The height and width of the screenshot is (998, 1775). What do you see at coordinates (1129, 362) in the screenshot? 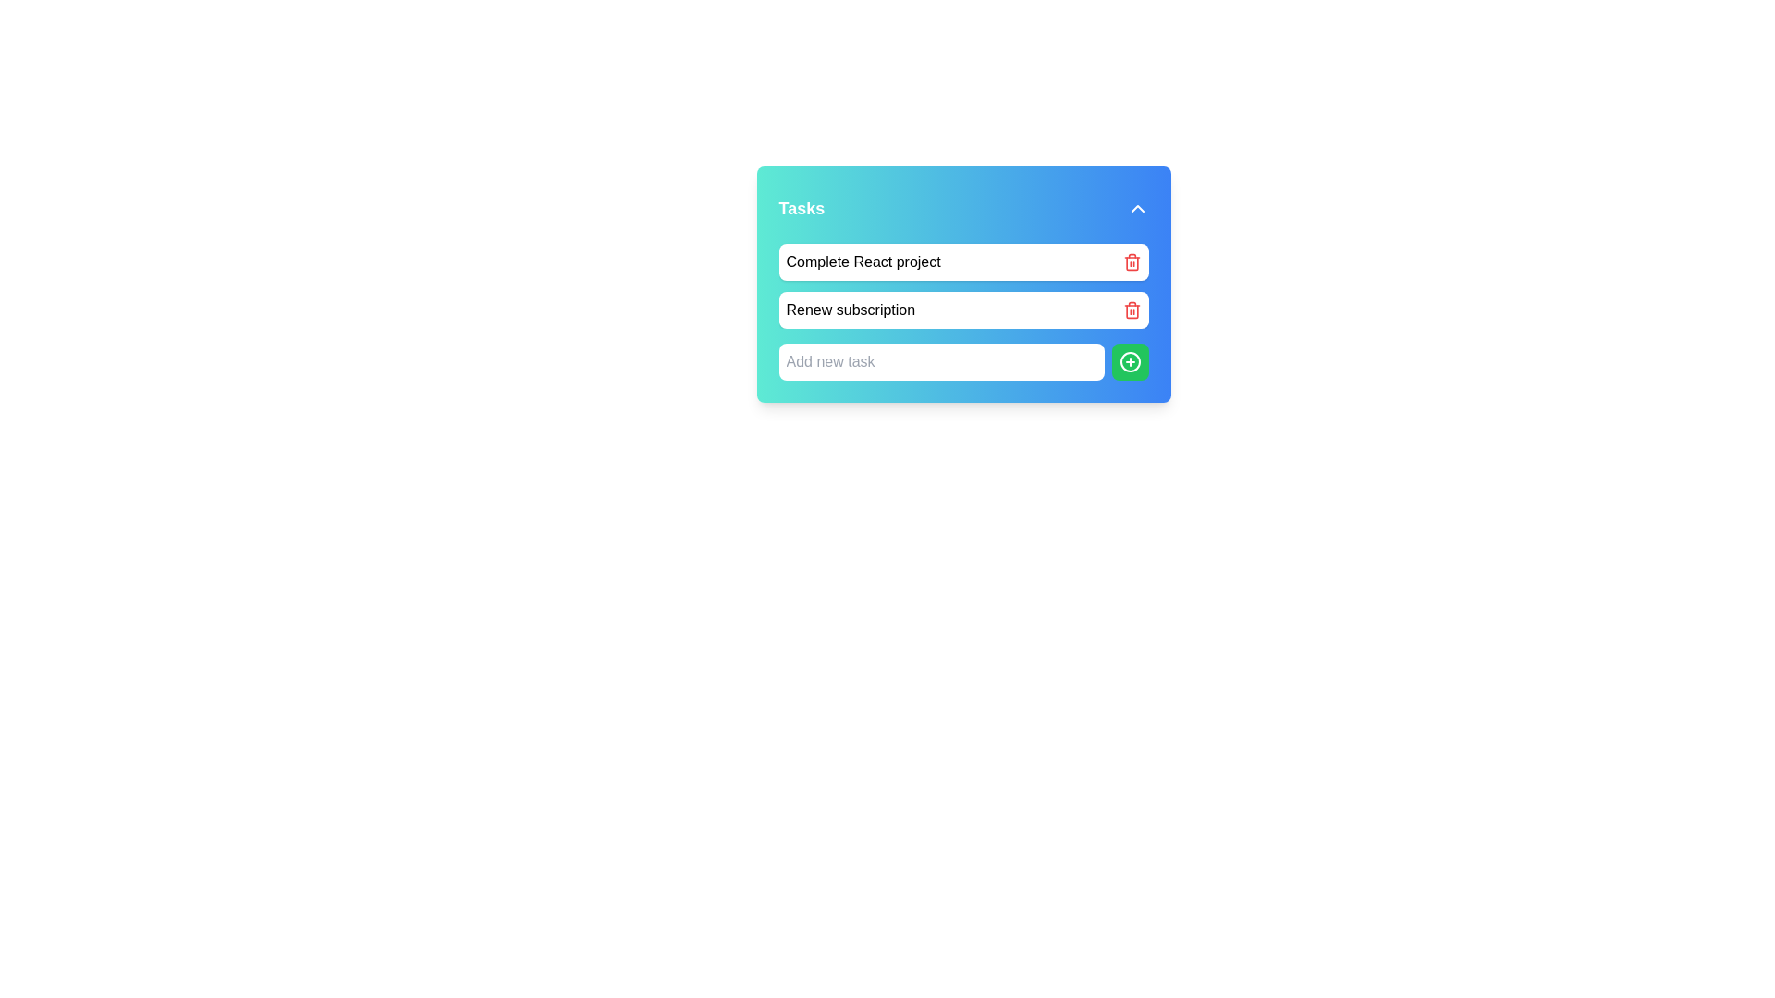
I see `the circular SVG shape located in the bottom-right corner of the task management widget, which is associated with the addition symbol for adding new tasks` at bounding box center [1129, 362].